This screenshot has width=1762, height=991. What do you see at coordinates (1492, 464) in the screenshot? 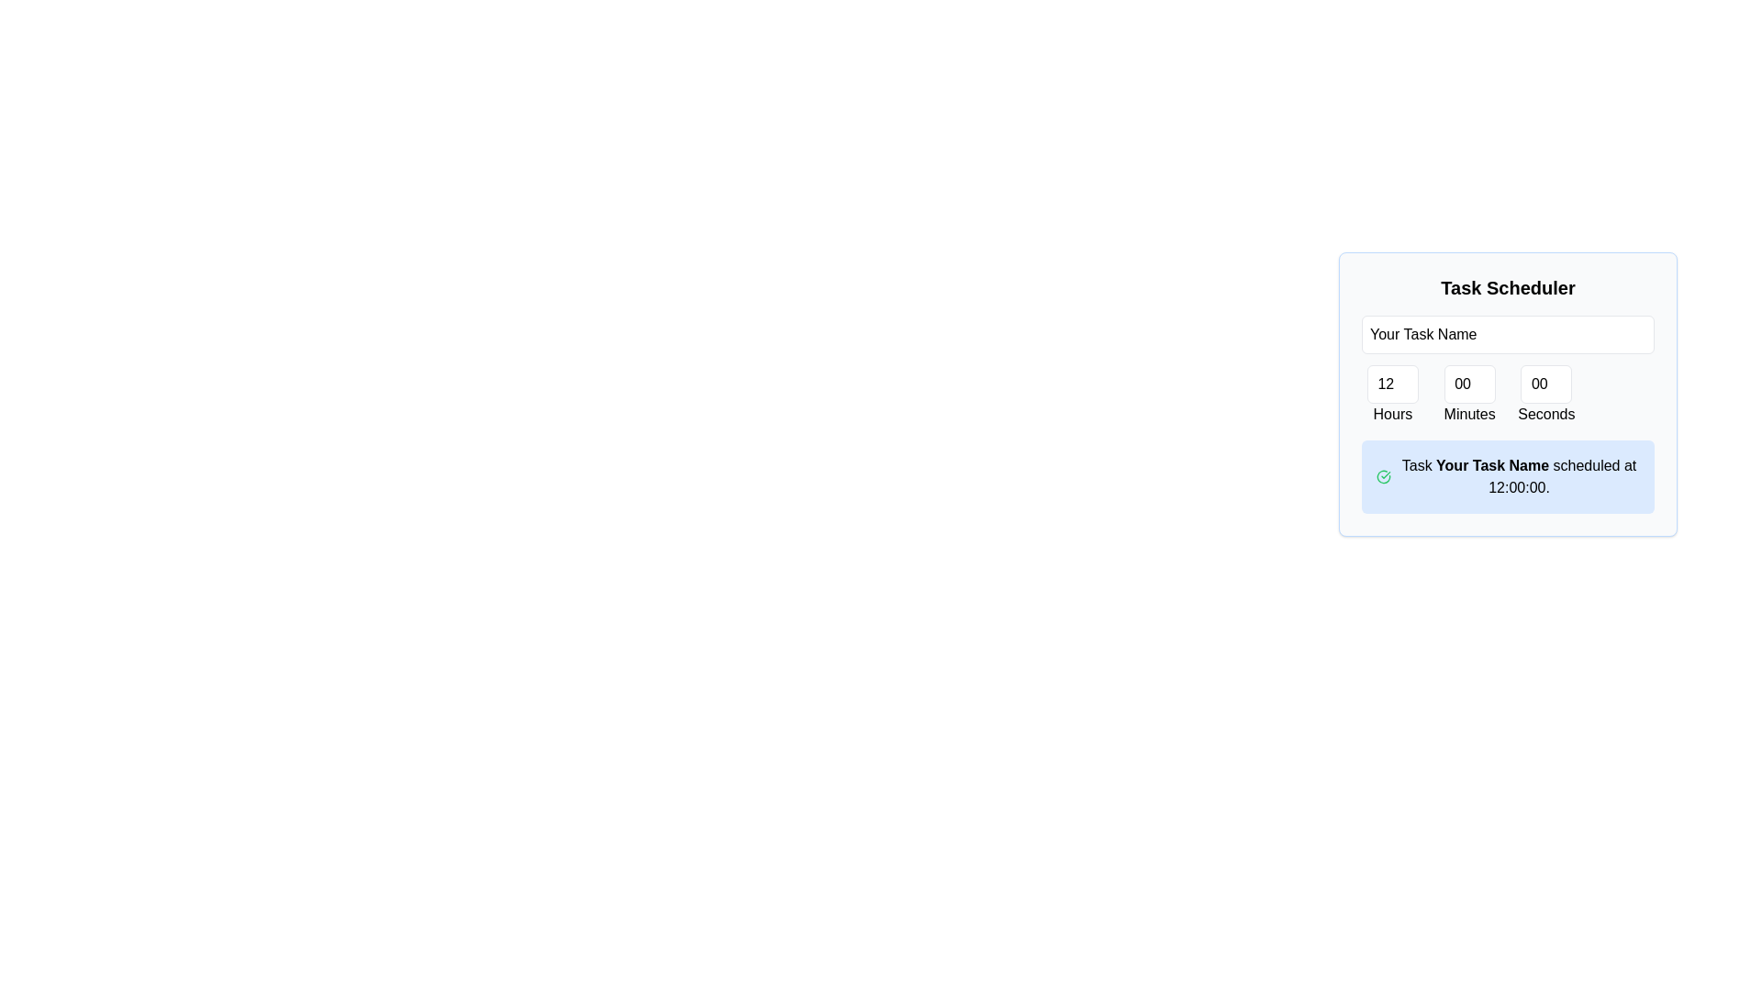
I see `the static text label displaying 'Your Task Name' within the notification sentence in the task scheduler interface` at bounding box center [1492, 464].